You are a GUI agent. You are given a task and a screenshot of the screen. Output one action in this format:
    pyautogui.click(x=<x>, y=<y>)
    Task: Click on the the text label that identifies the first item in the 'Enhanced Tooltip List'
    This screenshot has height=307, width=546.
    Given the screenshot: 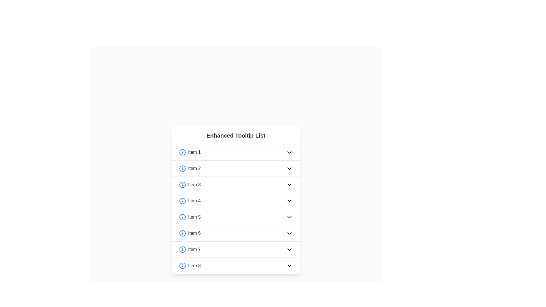 What is the action you would take?
    pyautogui.click(x=194, y=152)
    